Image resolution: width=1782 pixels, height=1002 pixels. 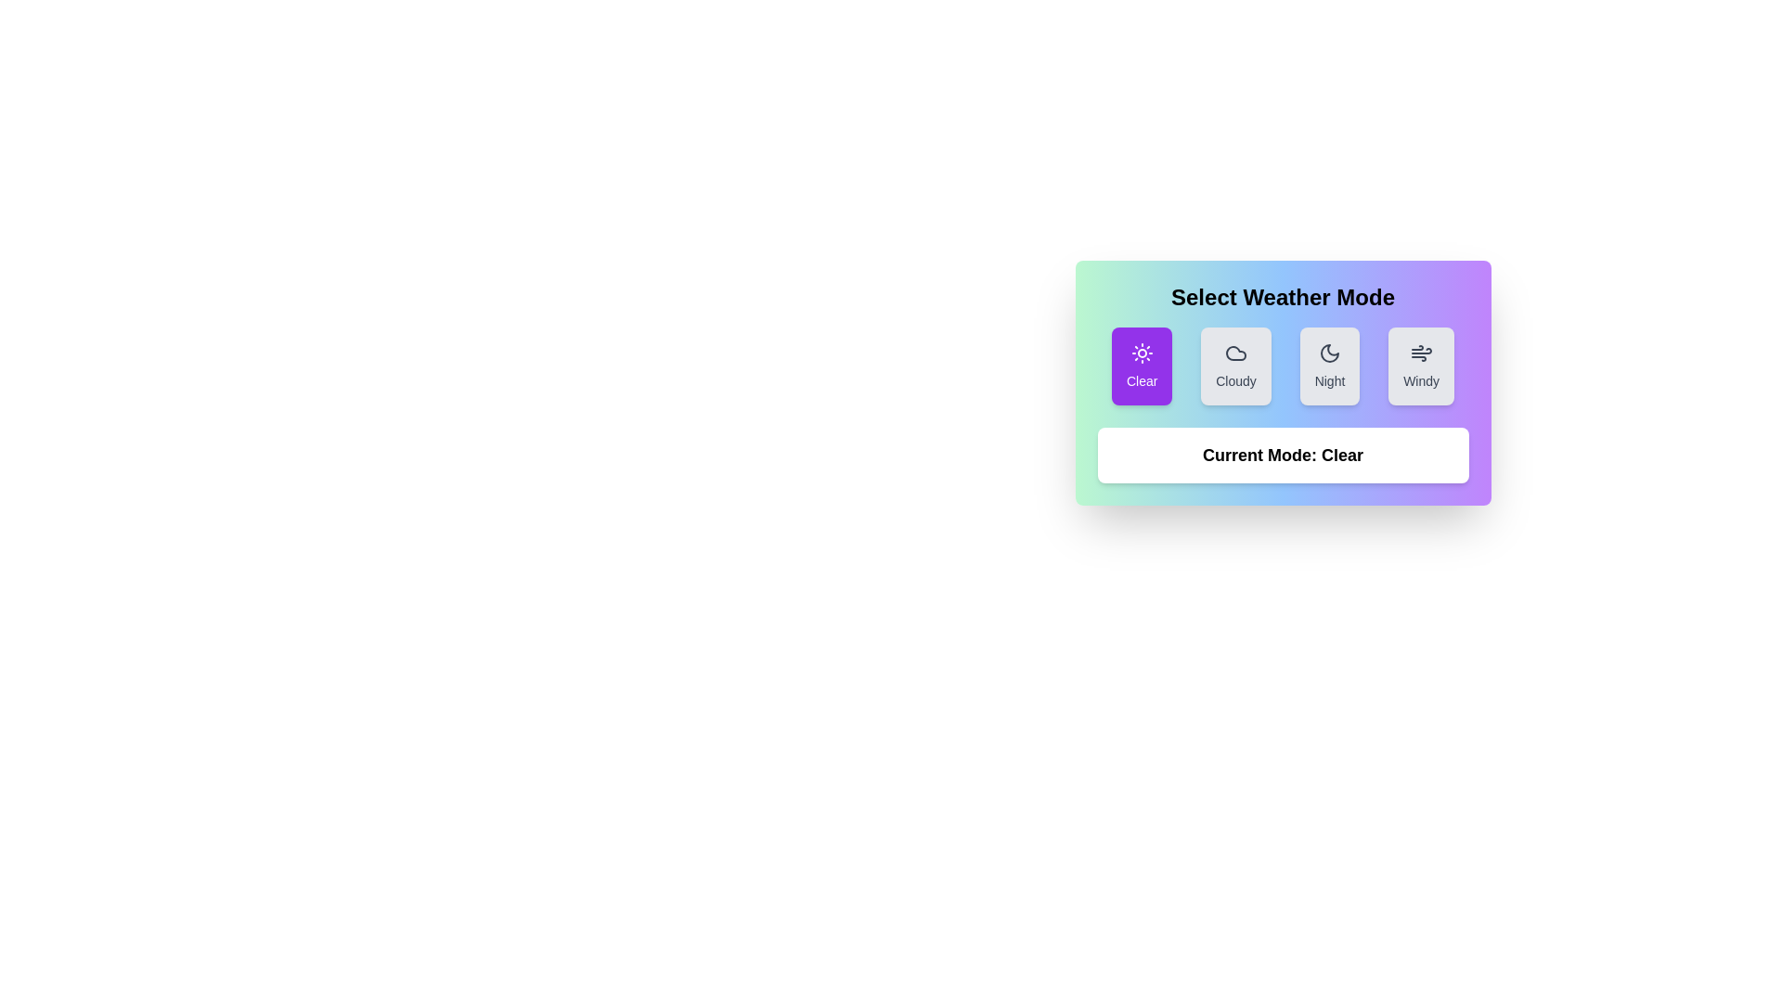 What do you see at coordinates (1235, 366) in the screenshot?
I see `the 'Cloudy' mode button in the weather selection interface to set the weather mode to Cloudy` at bounding box center [1235, 366].